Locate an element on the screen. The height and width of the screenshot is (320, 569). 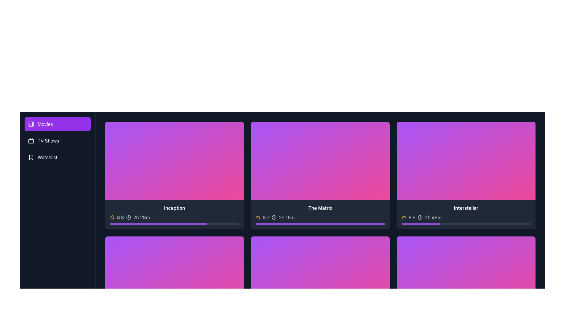
the text label displaying '2h 49m' styled in light gray, which is positioned beneath the thumbnail image of the movie 'Interstellar'. This label is the third element in a horizontal layout, following a clock icon and preceded by a yellow star icon and the text '8.6' is located at coordinates (433, 217).